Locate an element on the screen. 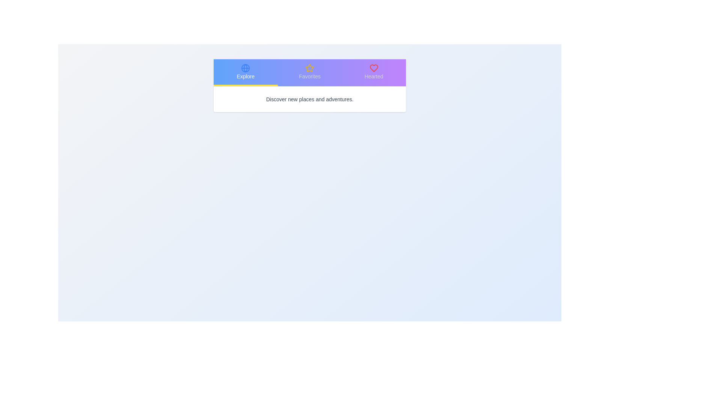 This screenshot has width=721, height=405. the tab labeled Favorites is located at coordinates (310, 72).